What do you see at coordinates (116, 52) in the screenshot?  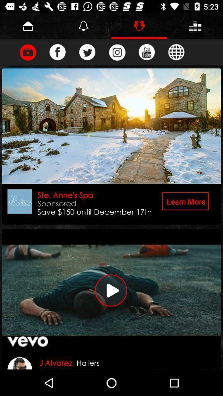 I see `the photo icon` at bounding box center [116, 52].